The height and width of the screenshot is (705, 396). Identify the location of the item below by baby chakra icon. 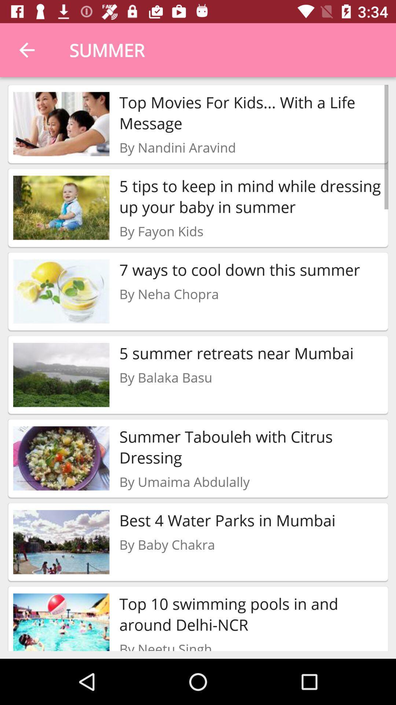
(251, 614).